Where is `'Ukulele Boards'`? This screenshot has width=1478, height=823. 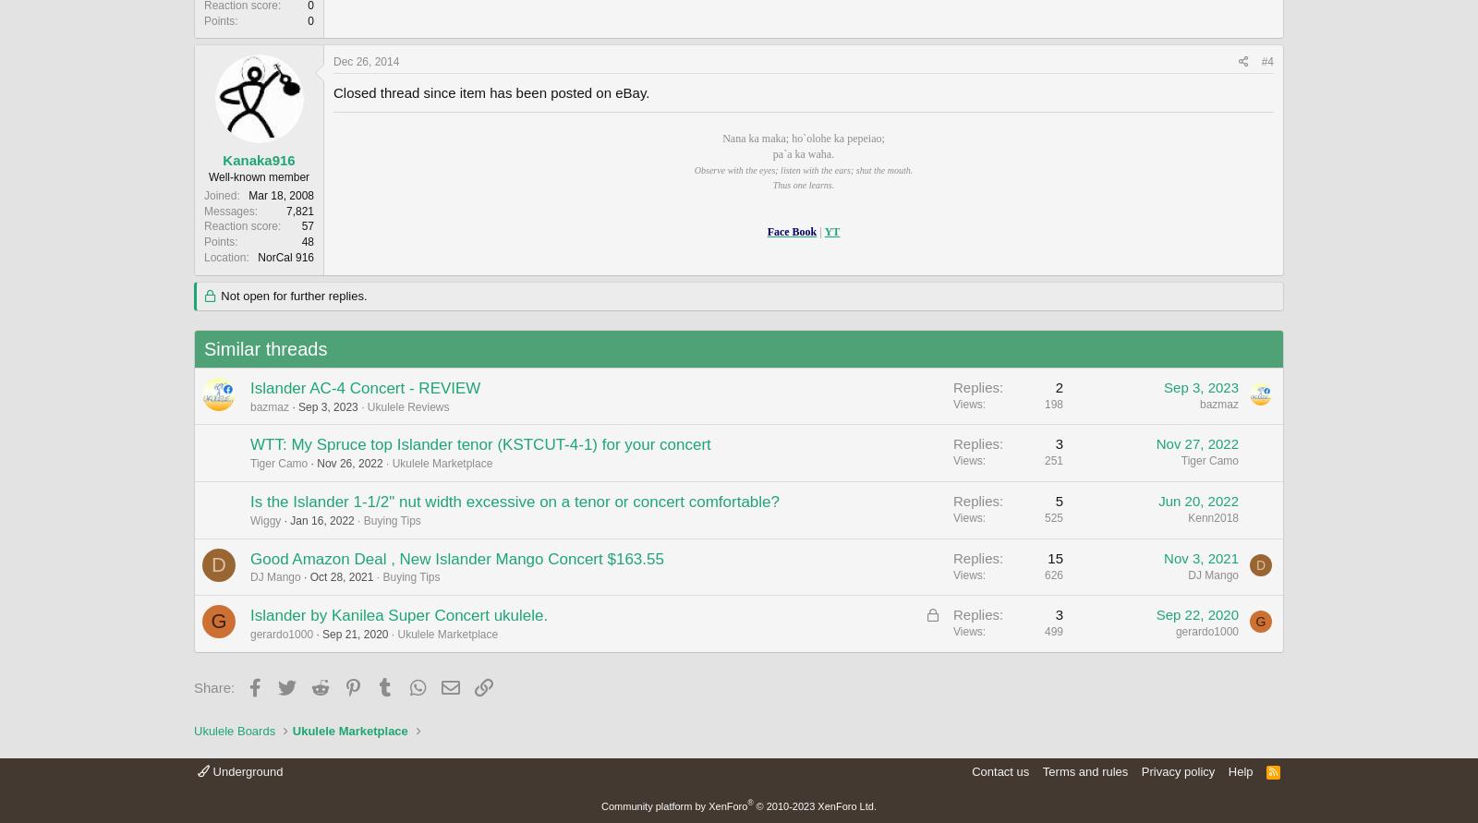 'Ukulele Boards' is located at coordinates (235, 730).